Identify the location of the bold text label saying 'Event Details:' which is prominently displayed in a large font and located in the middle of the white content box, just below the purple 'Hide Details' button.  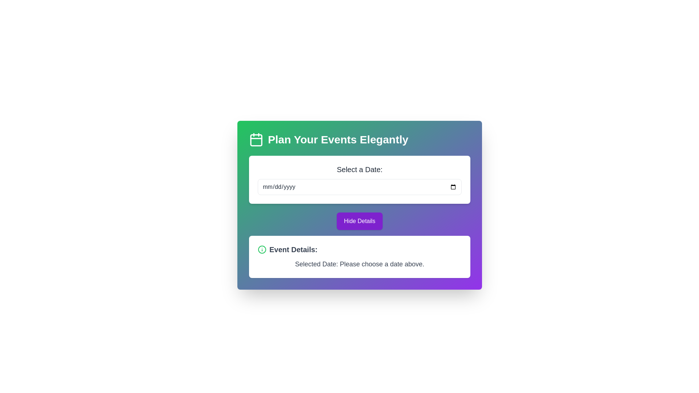
(293, 249).